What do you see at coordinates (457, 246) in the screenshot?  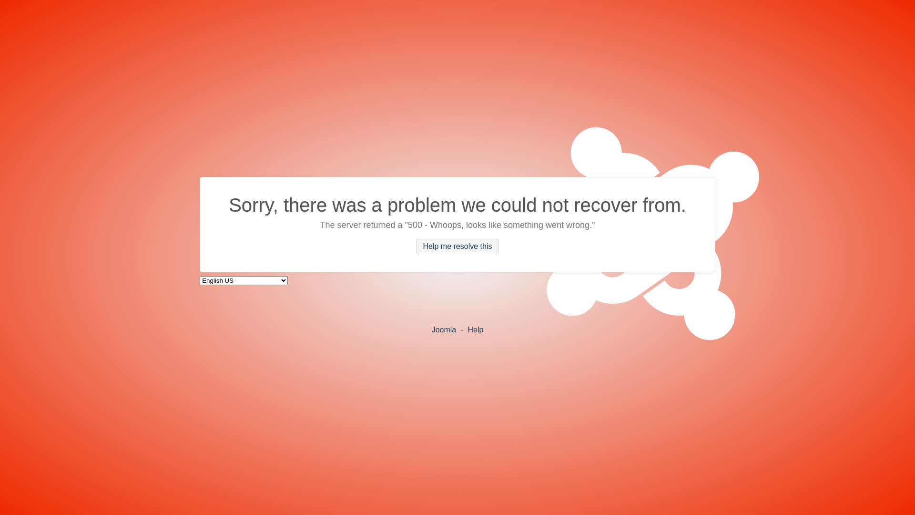 I see `'Help me resolve this'` at bounding box center [457, 246].